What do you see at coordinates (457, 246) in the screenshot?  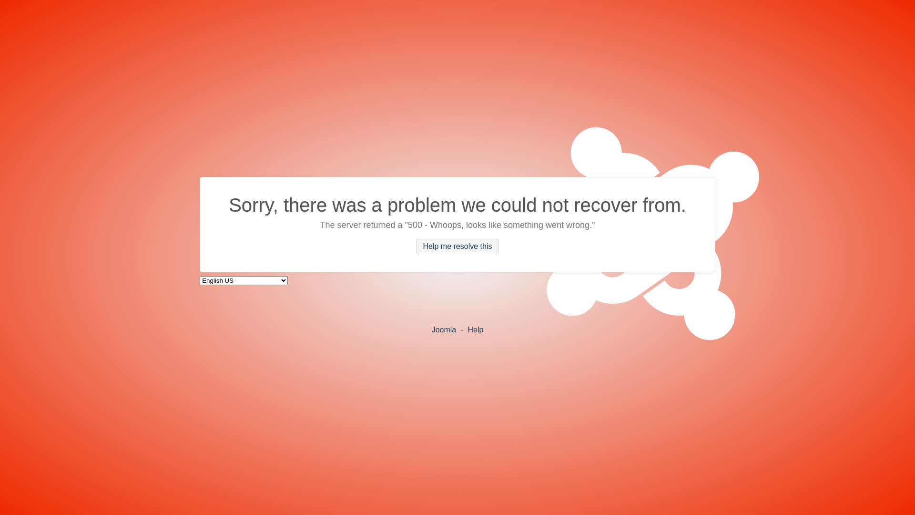 I see `'Help me resolve this'` at bounding box center [457, 246].